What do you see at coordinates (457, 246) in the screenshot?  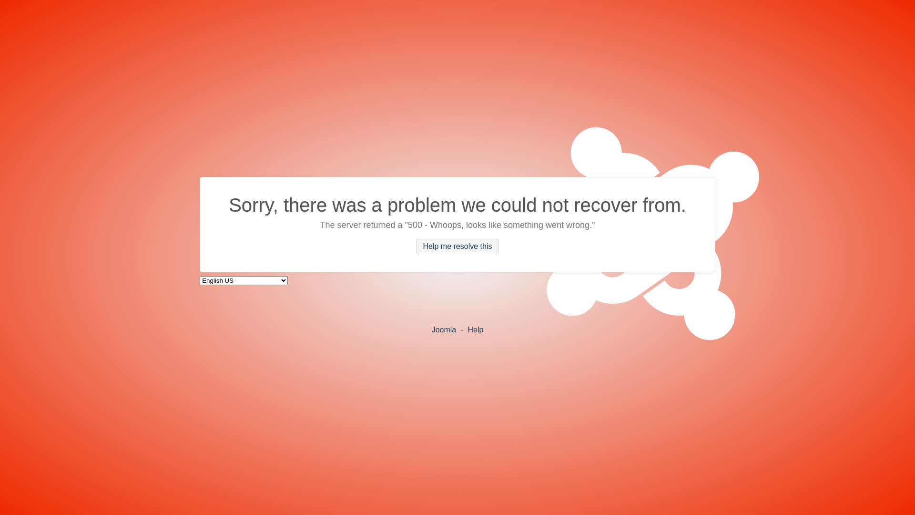 I see `'Help me resolve this'` at bounding box center [457, 246].